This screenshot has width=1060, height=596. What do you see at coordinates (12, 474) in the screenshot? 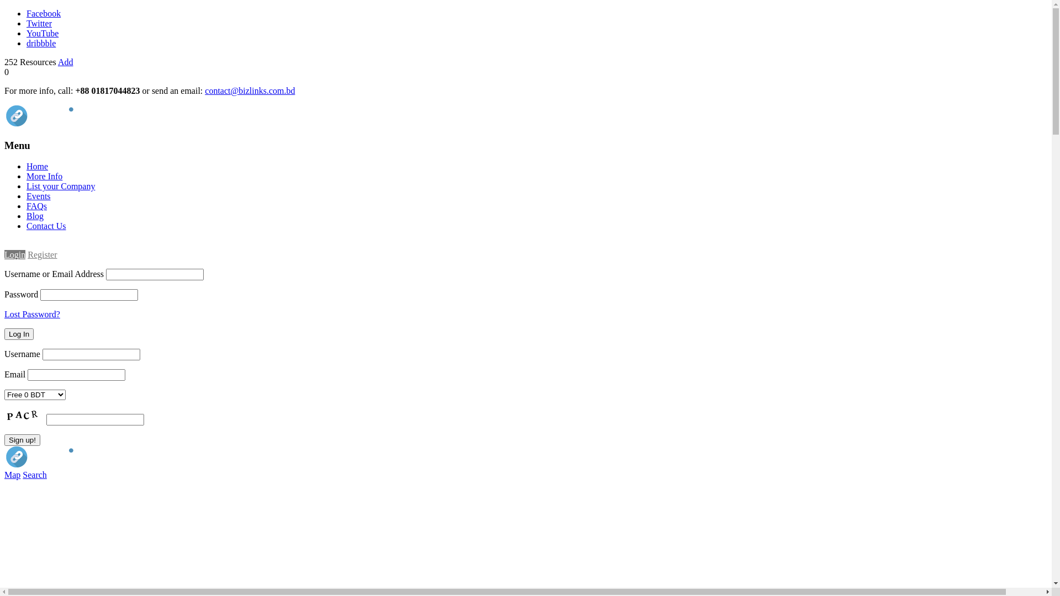
I see `'Map'` at bounding box center [12, 474].